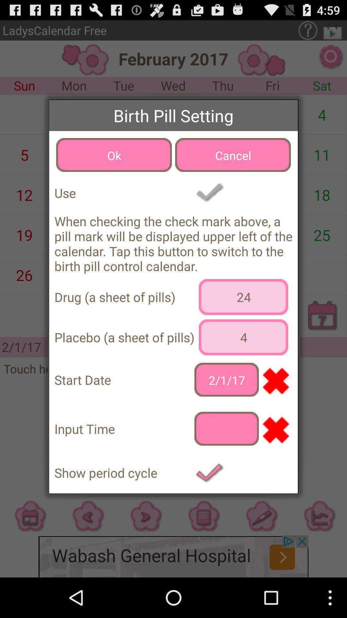 This screenshot has height=618, width=347. I want to click on the item below when checking the, so click(243, 296).